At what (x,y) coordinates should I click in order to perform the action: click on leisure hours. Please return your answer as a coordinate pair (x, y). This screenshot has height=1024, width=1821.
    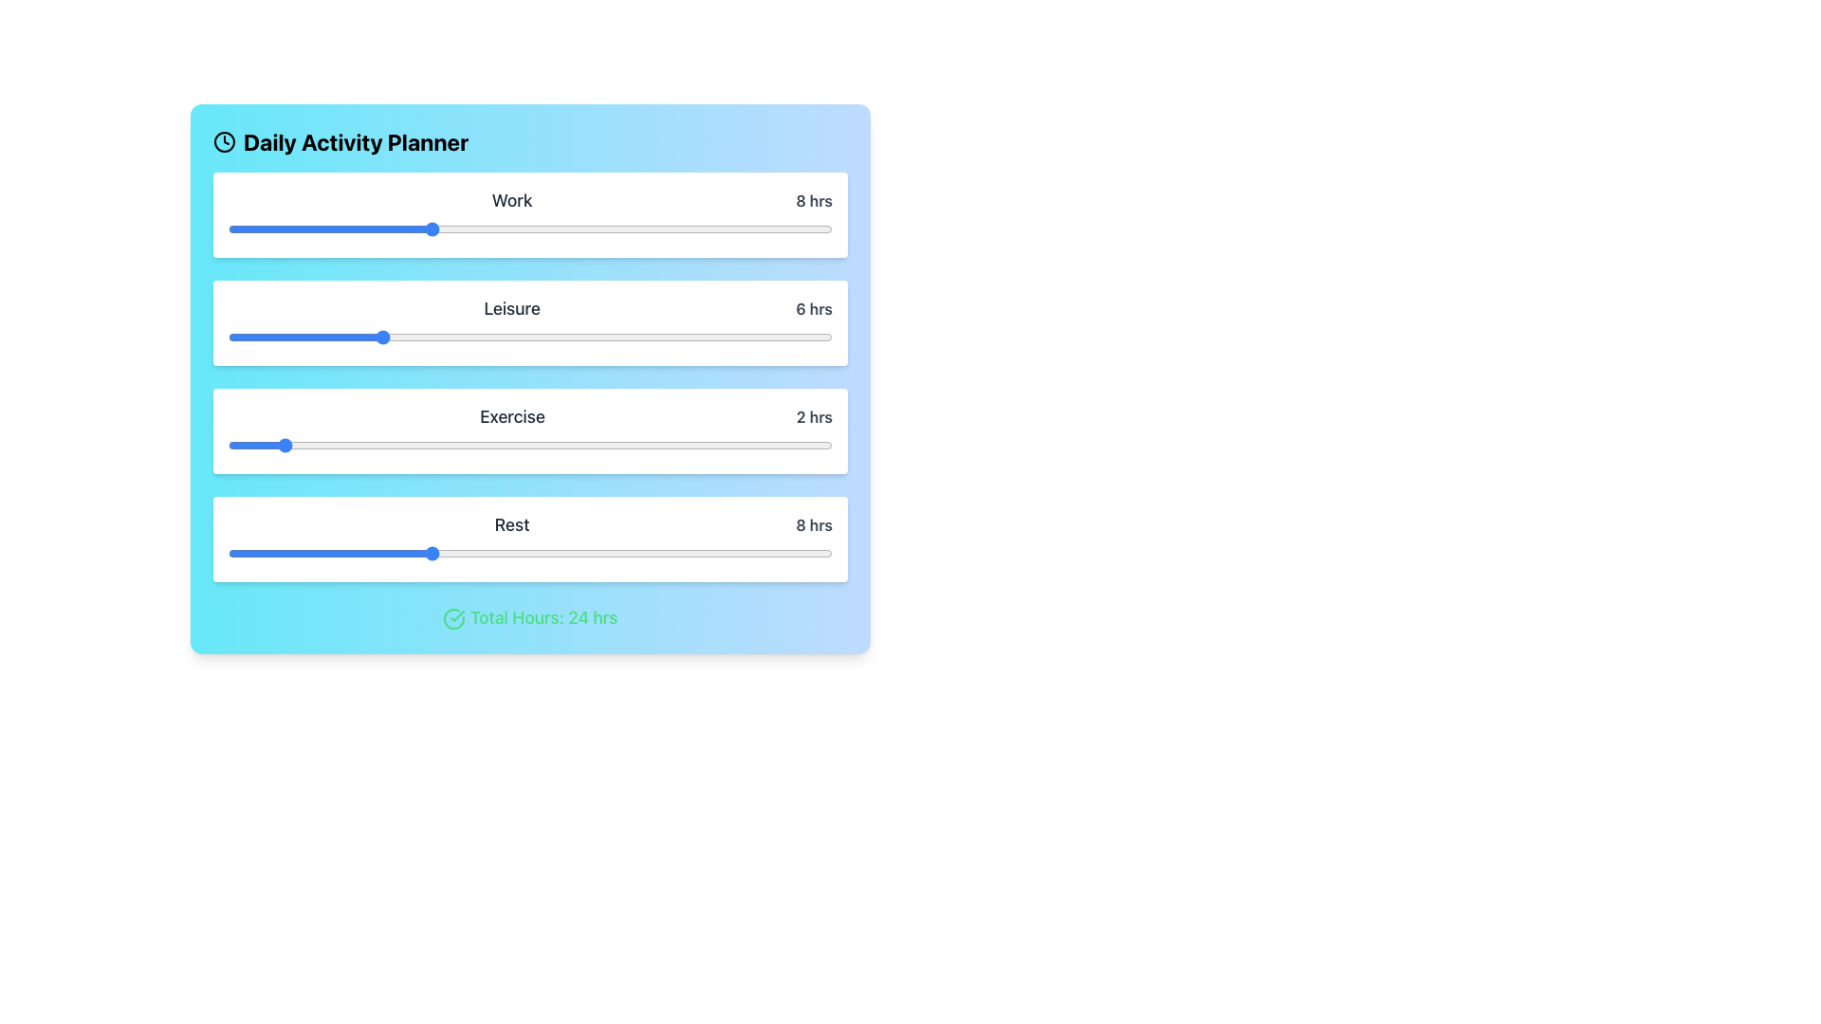
    Looking at the image, I should click on (278, 336).